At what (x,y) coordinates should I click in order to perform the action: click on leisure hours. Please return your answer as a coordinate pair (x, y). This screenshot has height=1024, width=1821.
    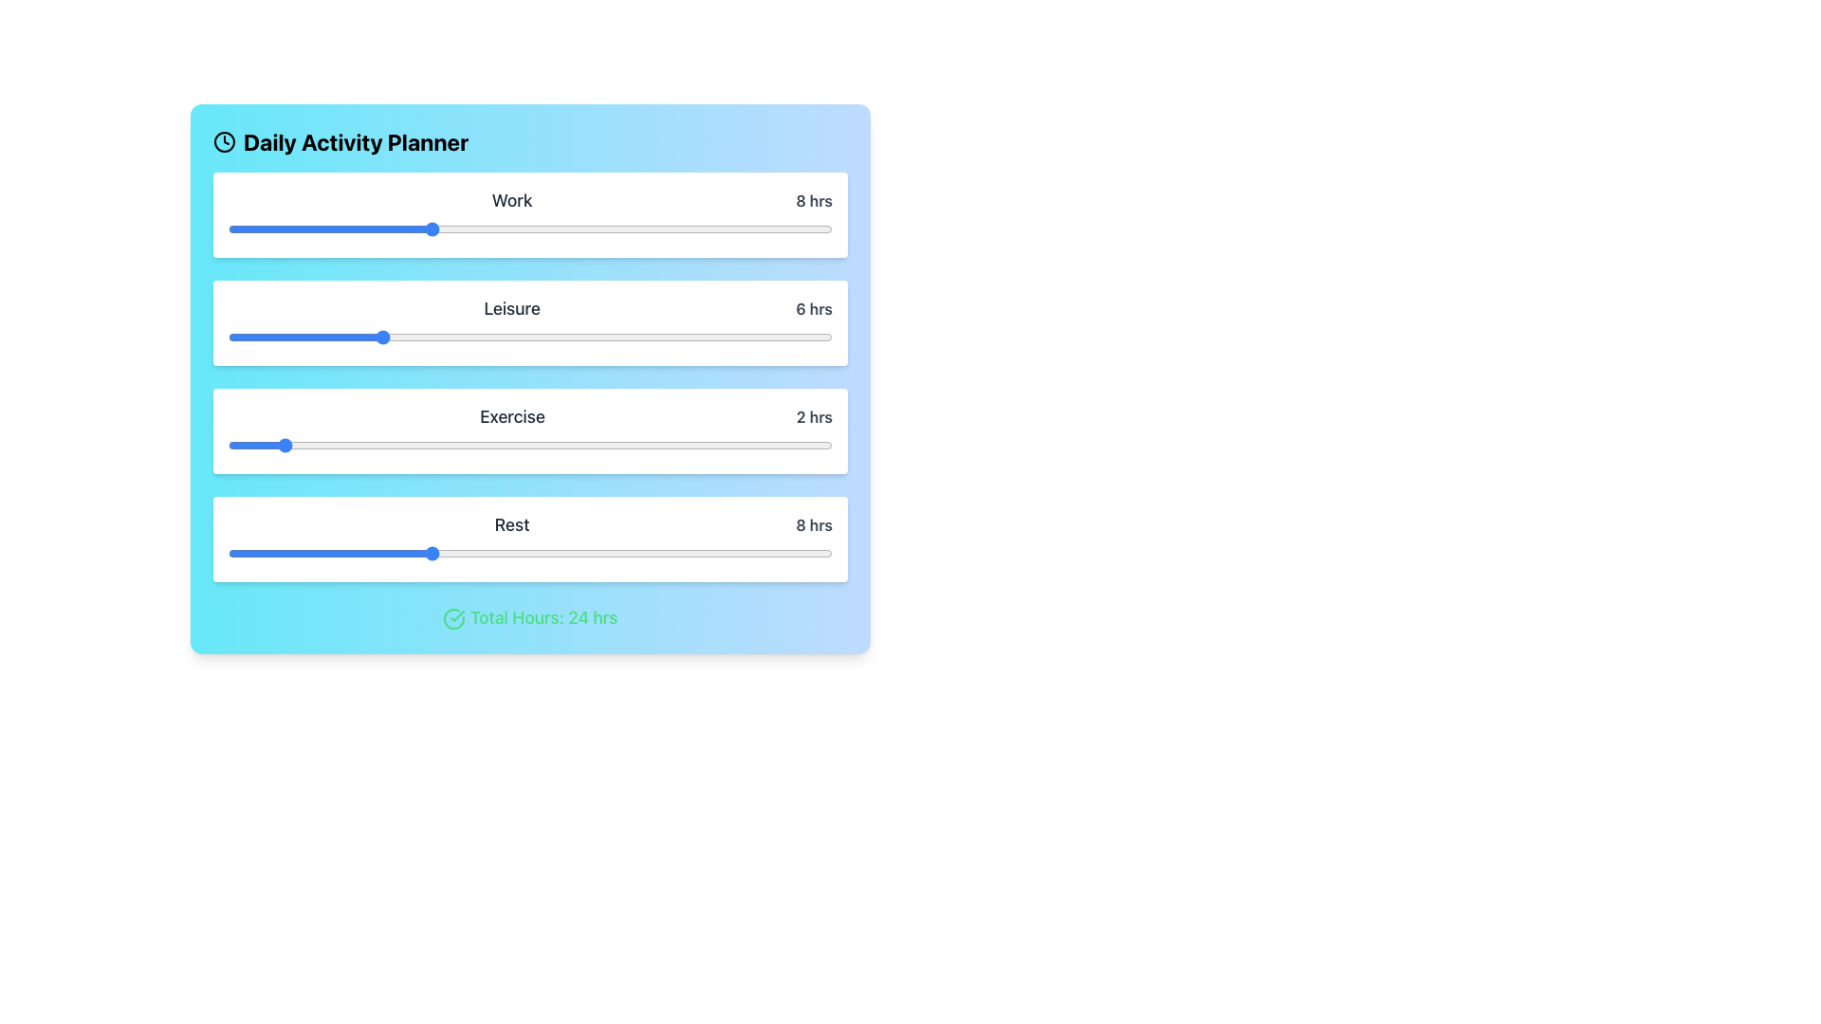
    Looking at the image, I should click on (278, 336).